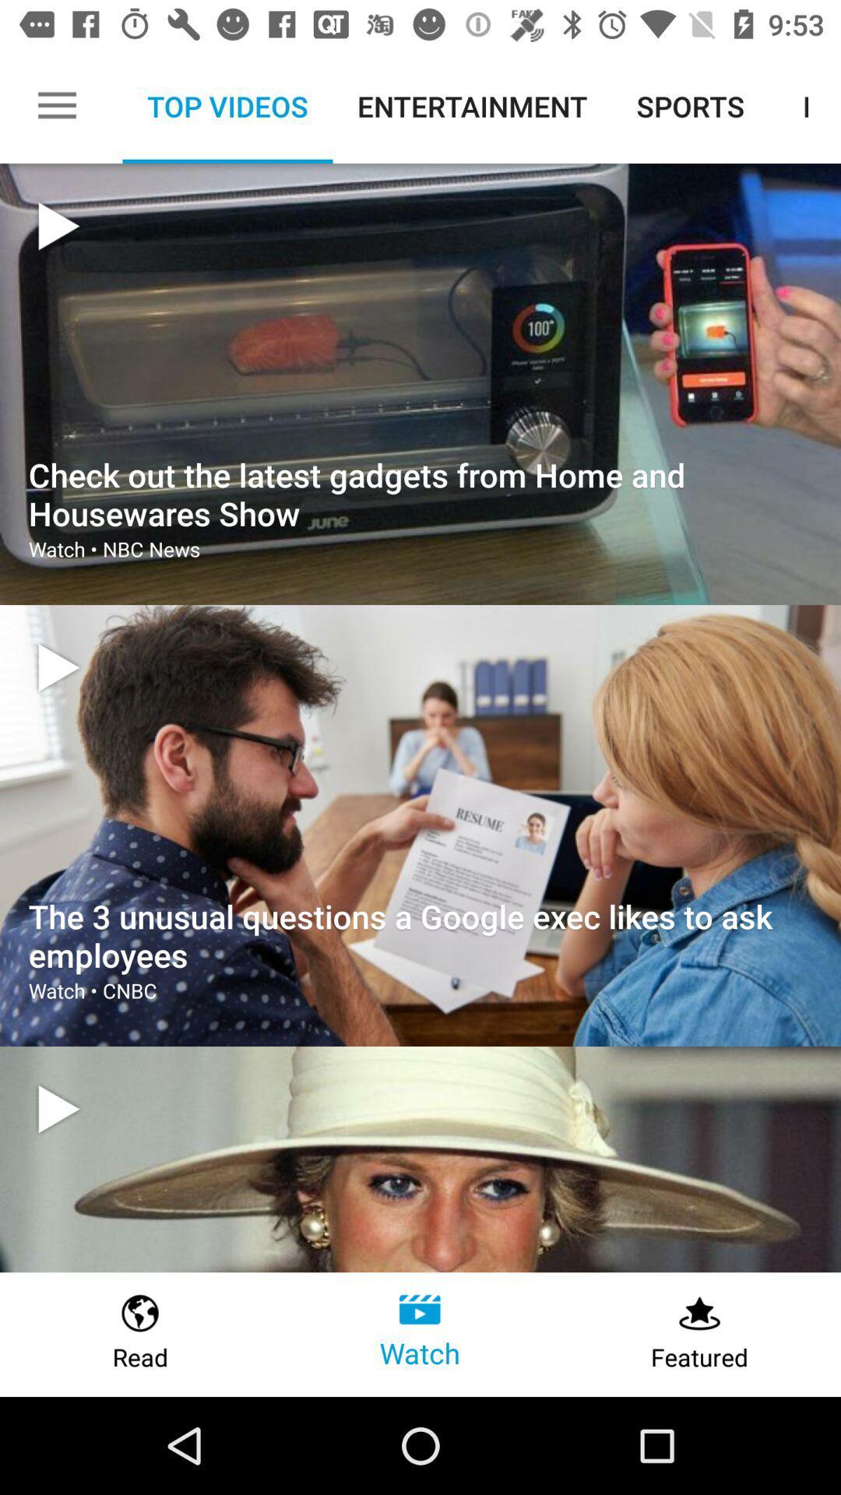 This screenshot has width=841, height=1495. Describe the element at coordinates (58, 667) in the screenshot. I see `video` at that location.